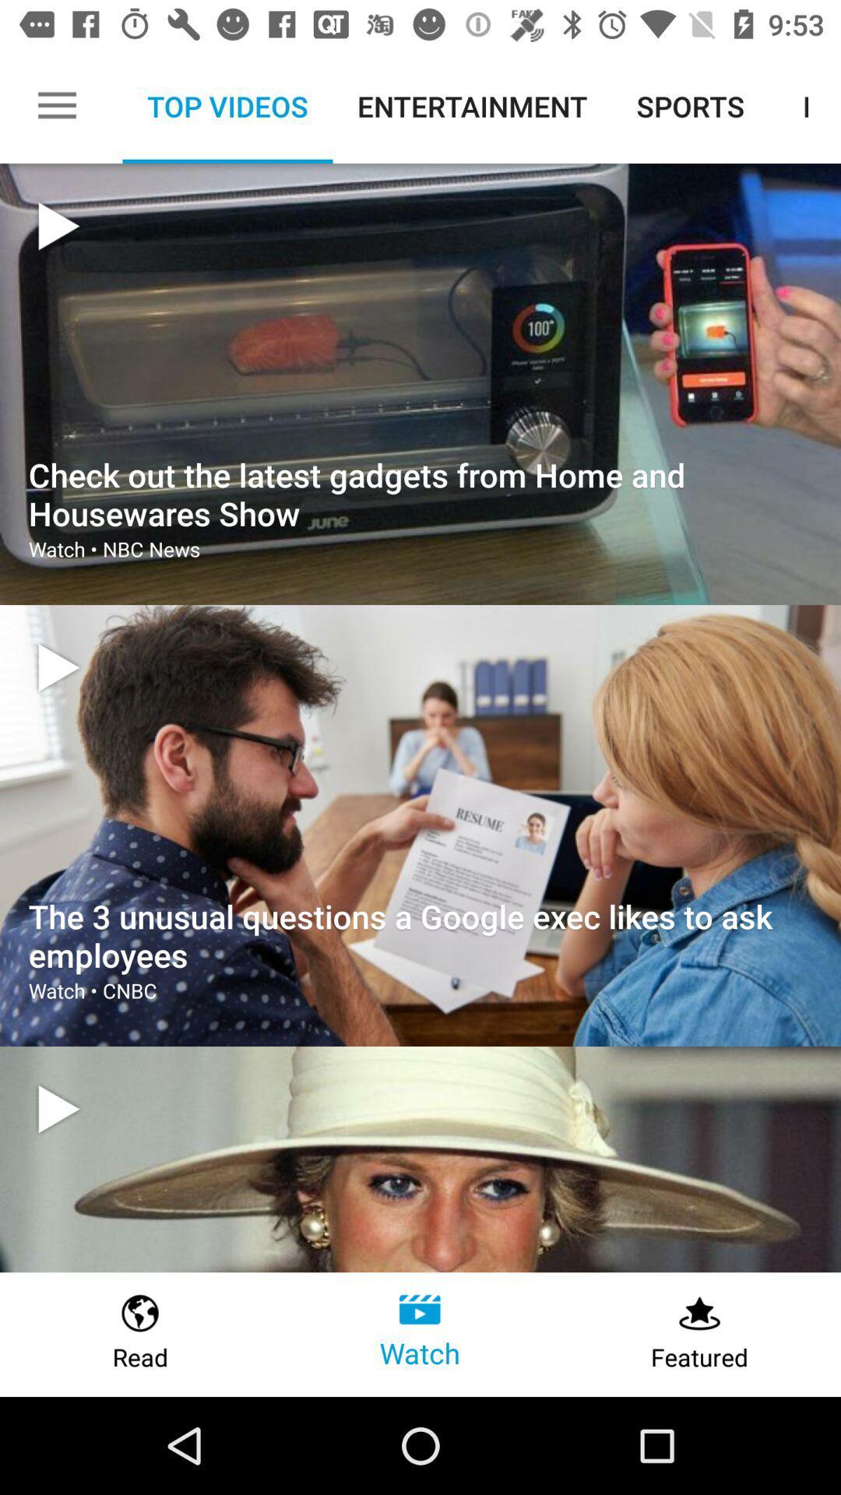 This screenshot has width=841, height=1495. Describe the element at coordinates (58, 667) in the screenshot. I see `video` at that location.